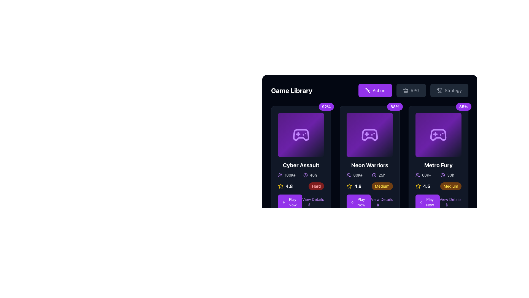 Image resolution: width=529 pixels, height=298 pixels. Describe the element at coordinates (381, 202) in the screenshot. I see `the clickable link located to the right of the 'Play Now' button in the bottom card UI for the game 'Neon Warriors' to change its color` at that location.